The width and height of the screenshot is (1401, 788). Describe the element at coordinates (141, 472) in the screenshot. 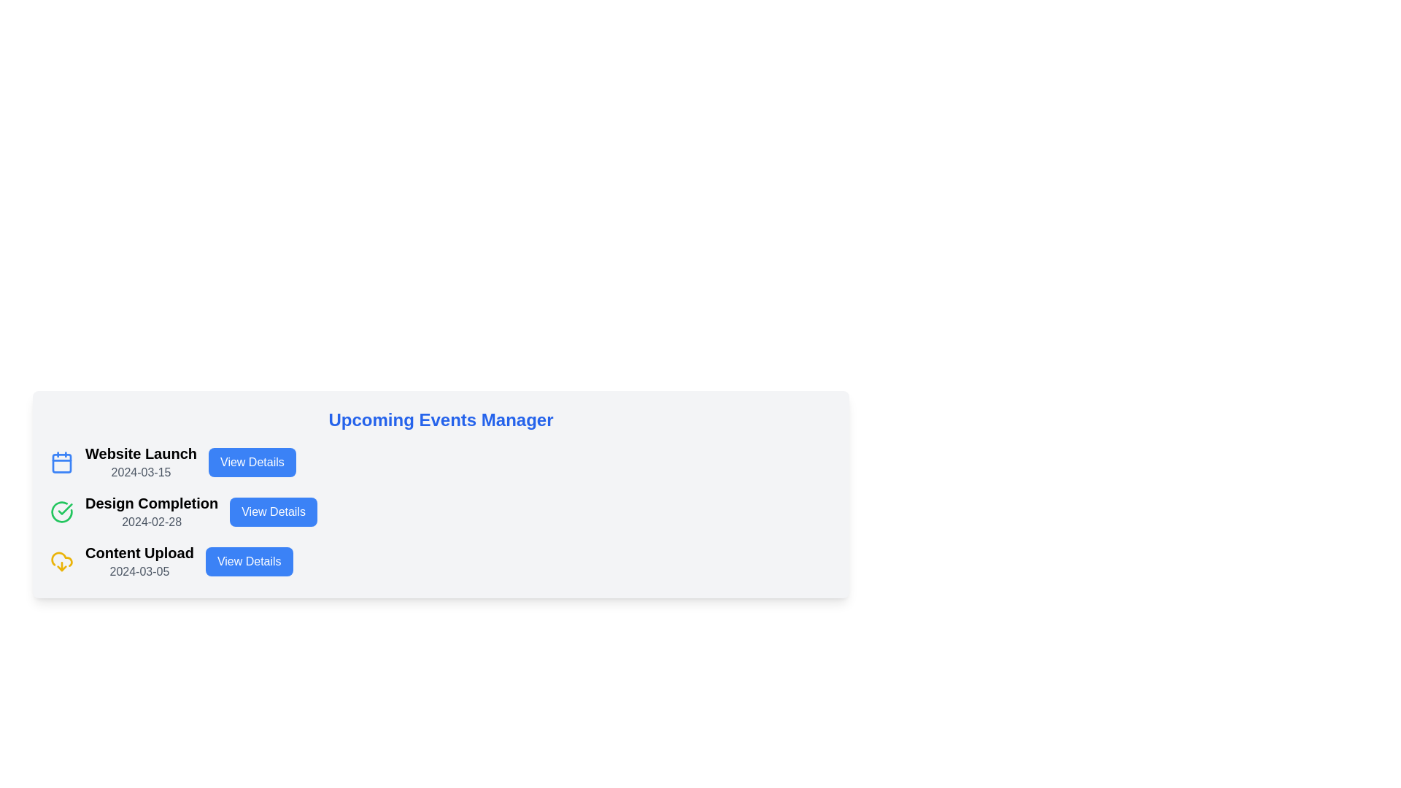

I see `date information displayed in the static text label located beneath the 'Website Launch' title in the 'Upcoming Events Manager' section` at that location.